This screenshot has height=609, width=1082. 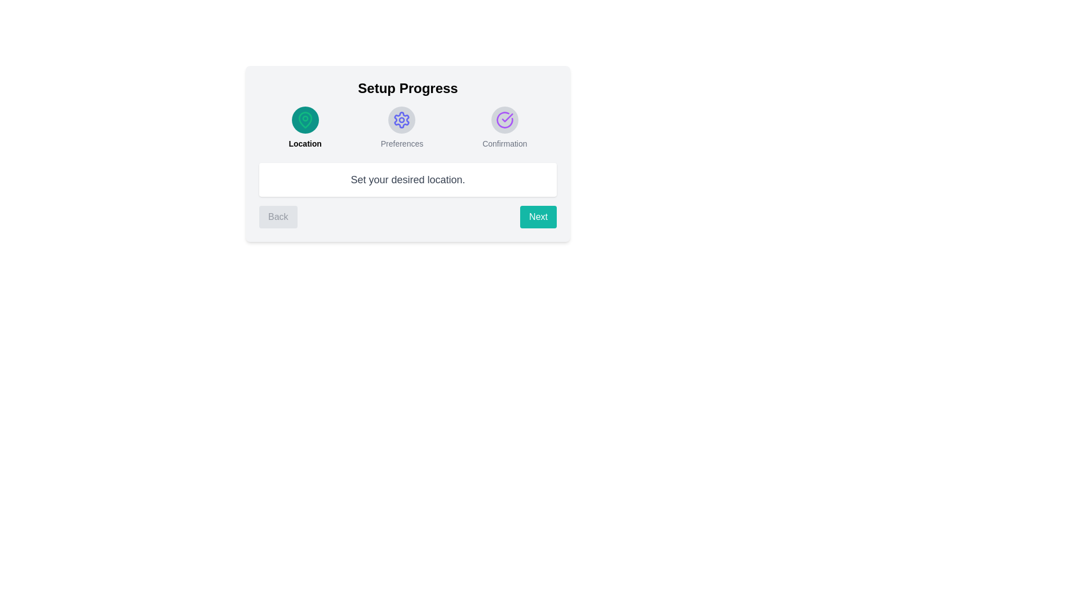 I want to click on 'Next' button to proceed to the next step, so click(x=538, y=217).